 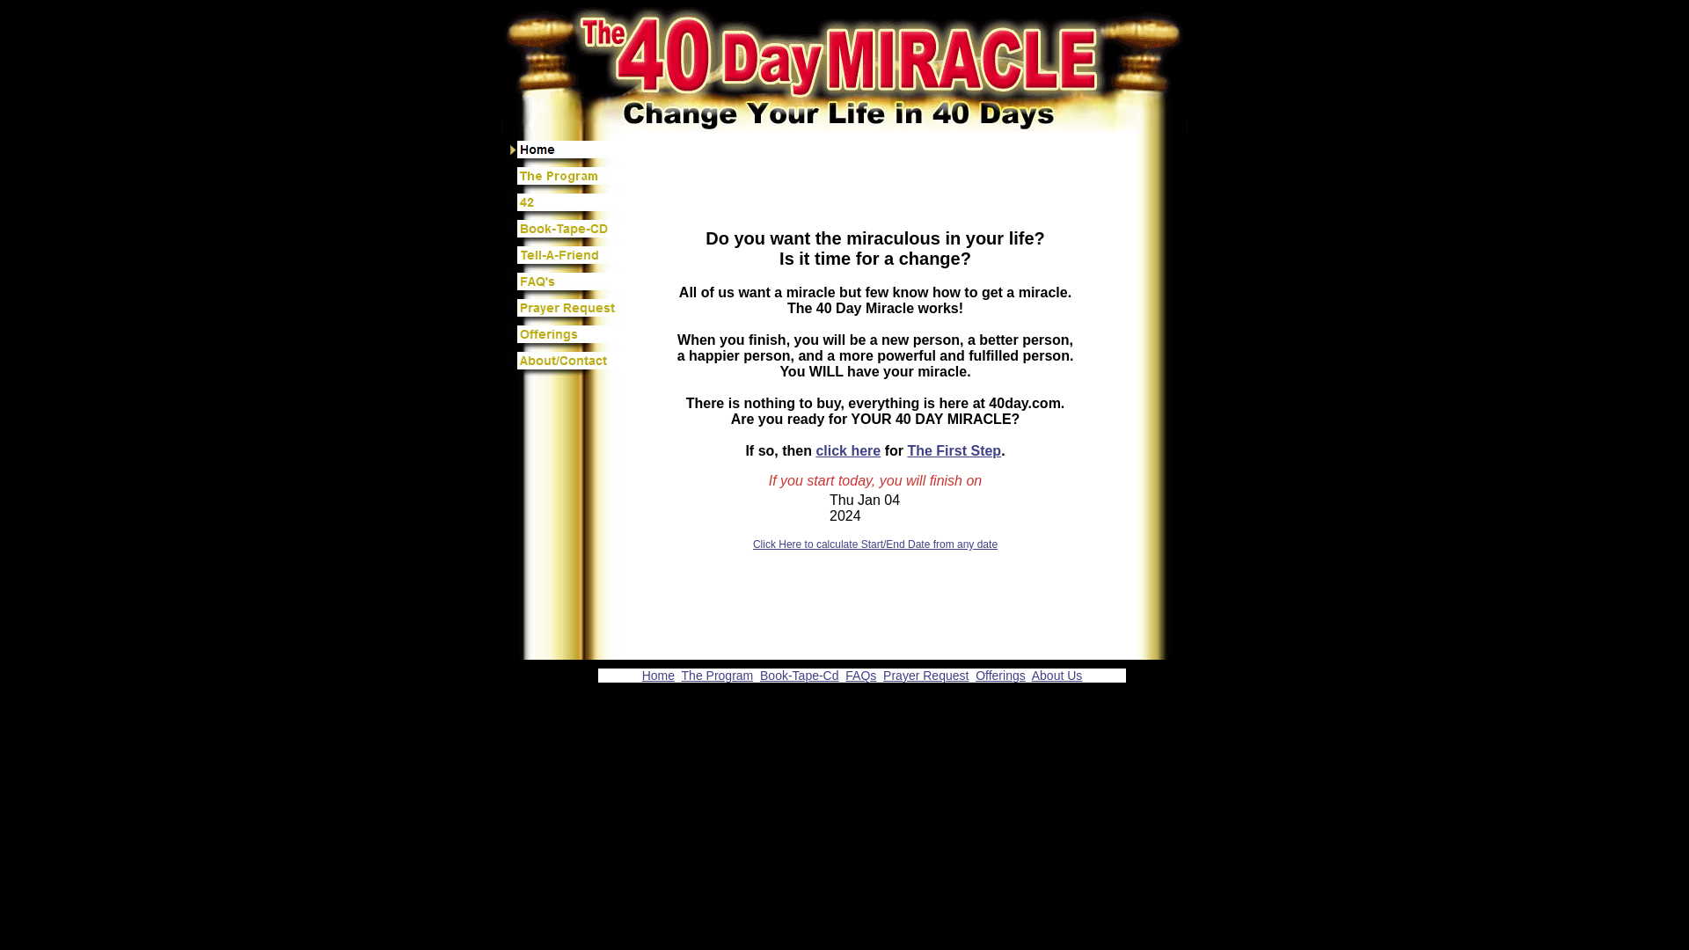 What do you see at coordinates (848, 449) in the screenshot?
I see `'click here'` at bounding box center [848, 449].